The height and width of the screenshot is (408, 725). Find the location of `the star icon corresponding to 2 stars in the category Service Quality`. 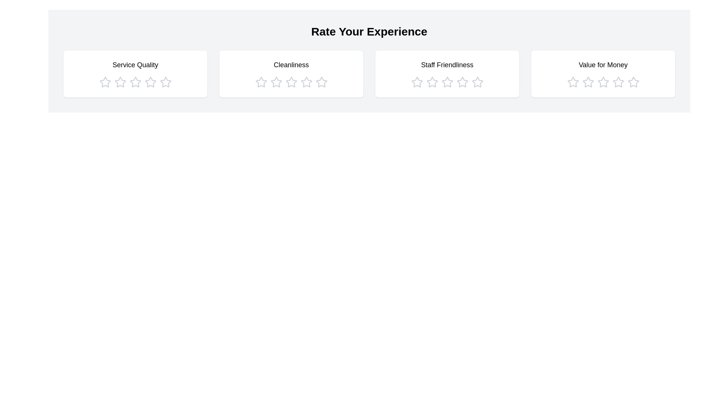

the star icon corresponding to 2 stars in the category Service Quality is located at coordinates (120, 82).